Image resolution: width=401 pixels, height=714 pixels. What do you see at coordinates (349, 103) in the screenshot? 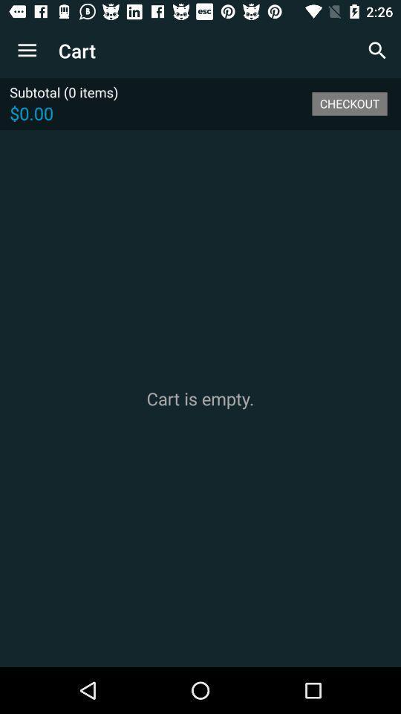
I see `the icon to the right of the subtotal (0 items)` at bounding box center [349, 103].